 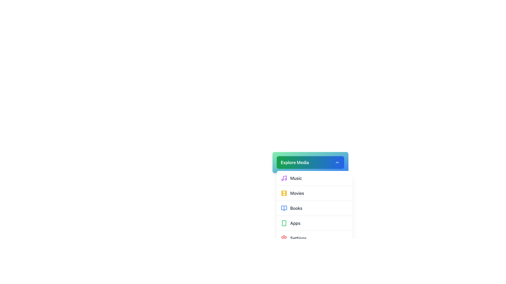 I want to click on the 'Music' category icon located under the 'Explore Media' heading, so click(x=284, y=178).